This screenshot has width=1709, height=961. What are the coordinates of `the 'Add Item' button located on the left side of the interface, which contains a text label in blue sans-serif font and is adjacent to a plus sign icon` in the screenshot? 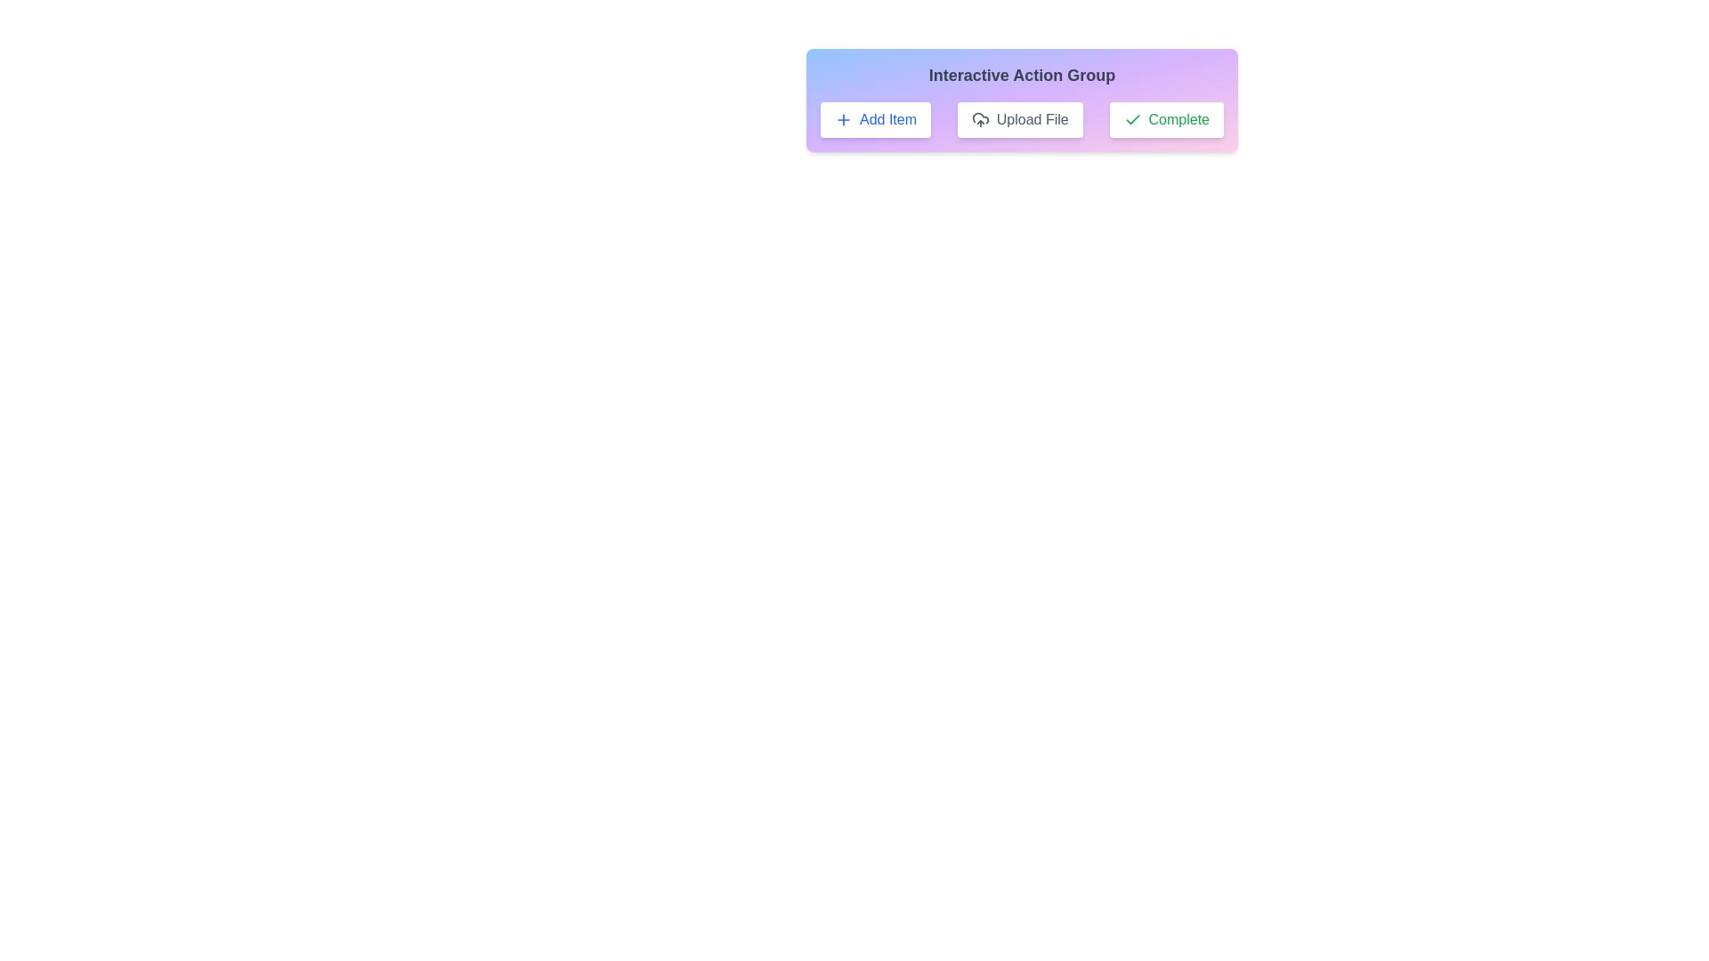 It's located at (888, 120).